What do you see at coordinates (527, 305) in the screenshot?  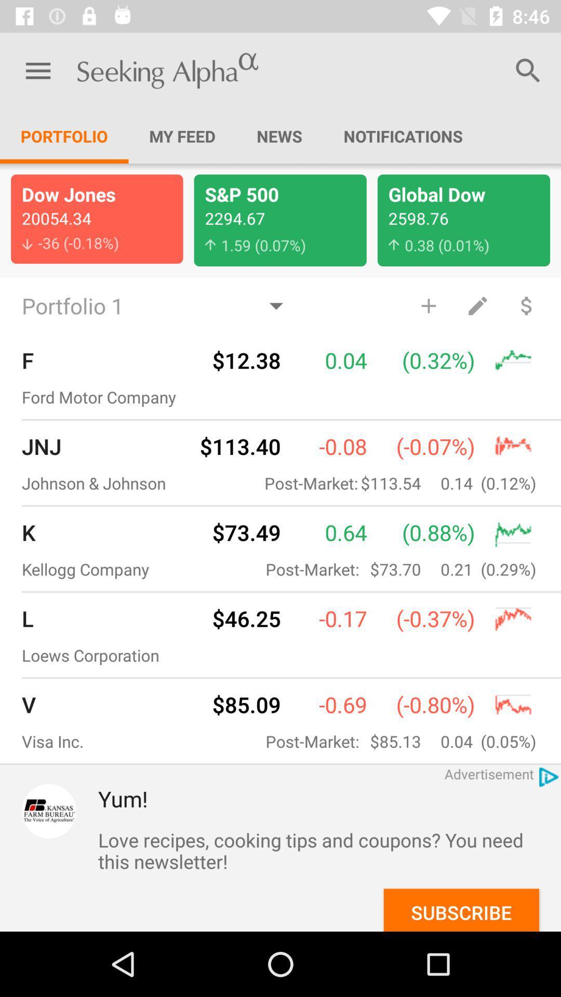 I see `dollars gained or graphs` at bounding box center [527, 305].